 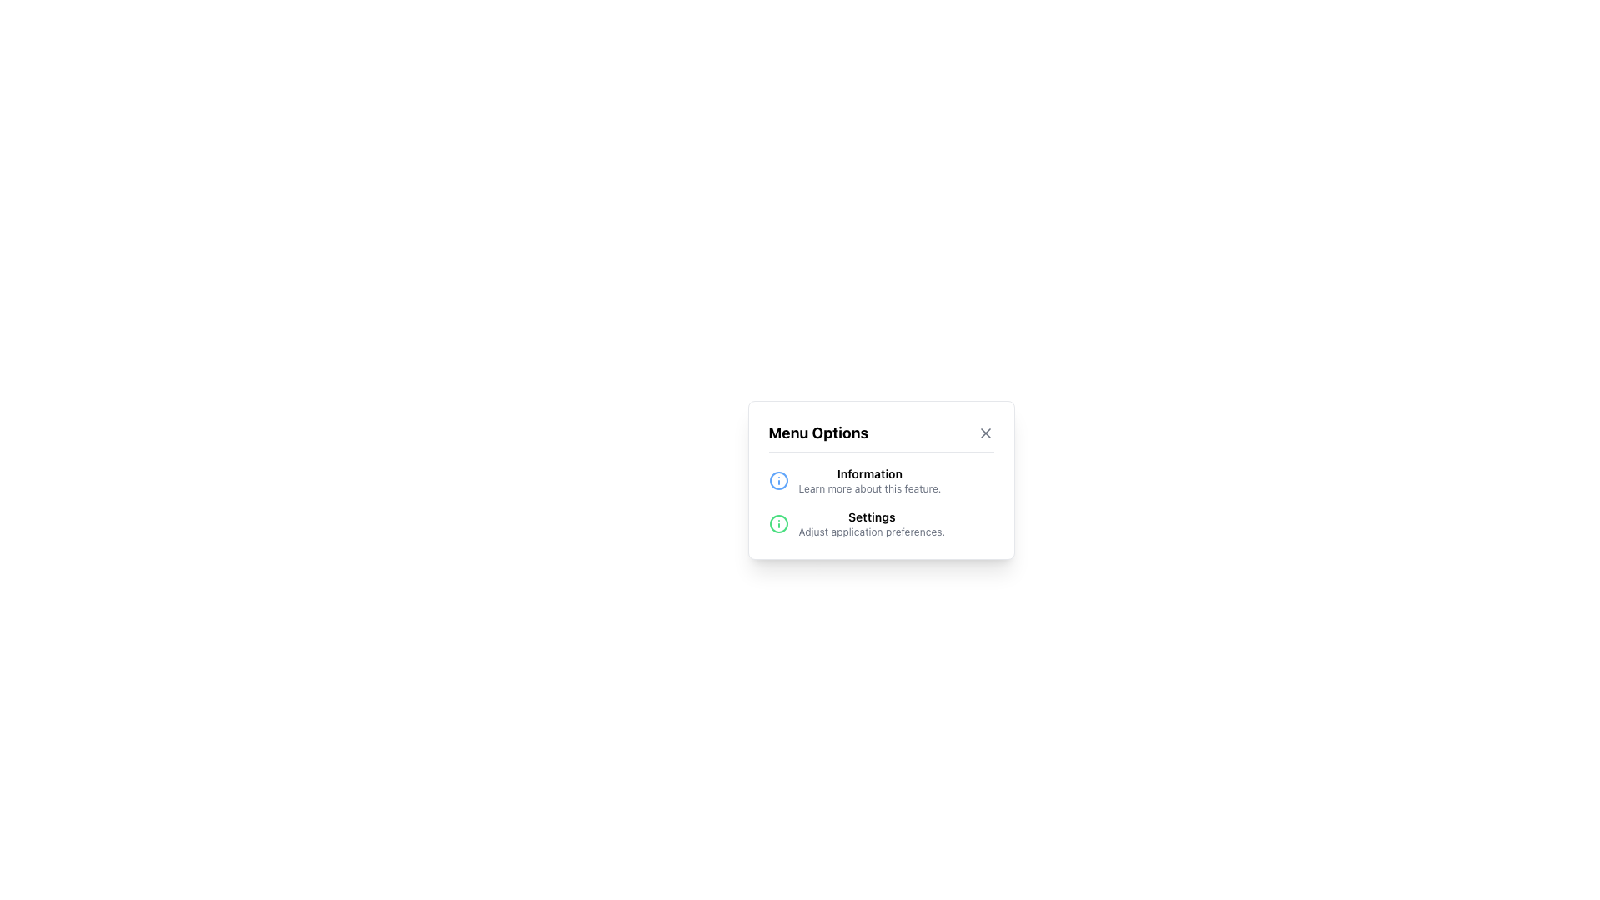 I want to click on the Text block under the 'Information' option in the 'Menu Options' panel, which serves as a menu option, so click(x=871, y=522).